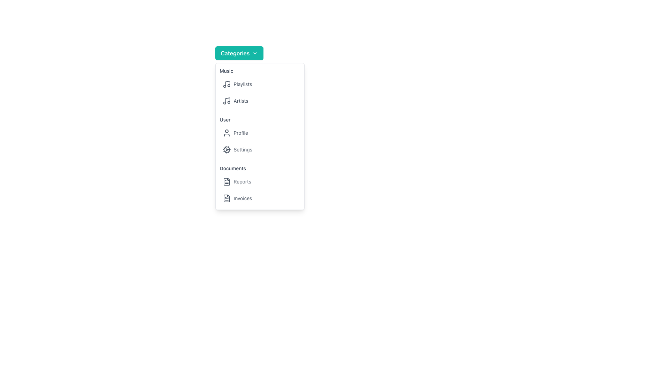 This screenshot has height=376, width=670. What do you see at coordinates (226, 198) in the screenshot?
I see `the 'Invoices' icon in the sidebar menu, located within the 'Documents' group at the bottom of the menu panel` at bounding box center [226, 198].